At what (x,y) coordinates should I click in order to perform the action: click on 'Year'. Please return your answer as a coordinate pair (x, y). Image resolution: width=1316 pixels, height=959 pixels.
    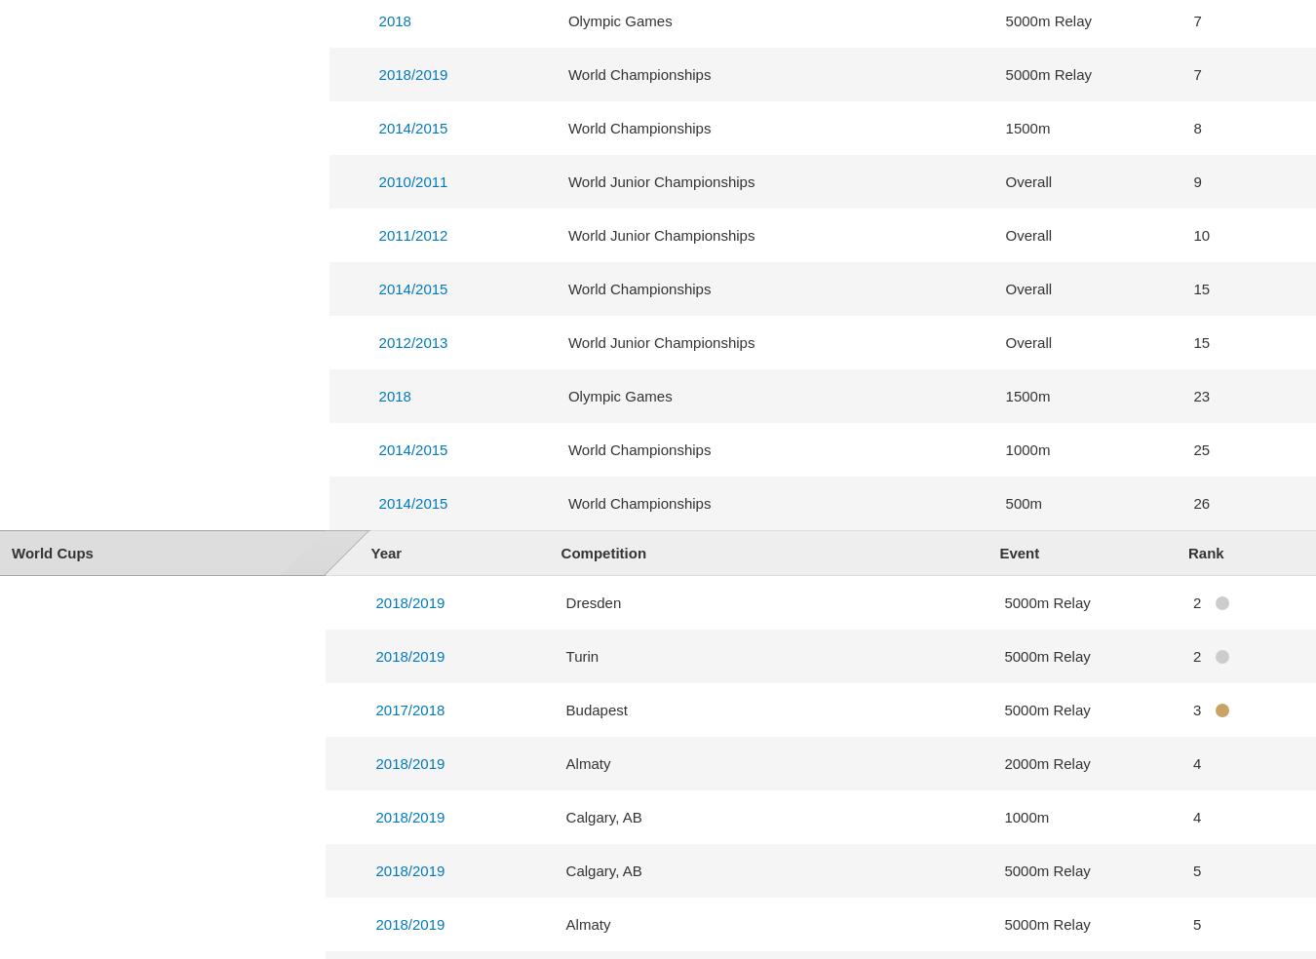
    Looking at the image, I should click on (385, 552).